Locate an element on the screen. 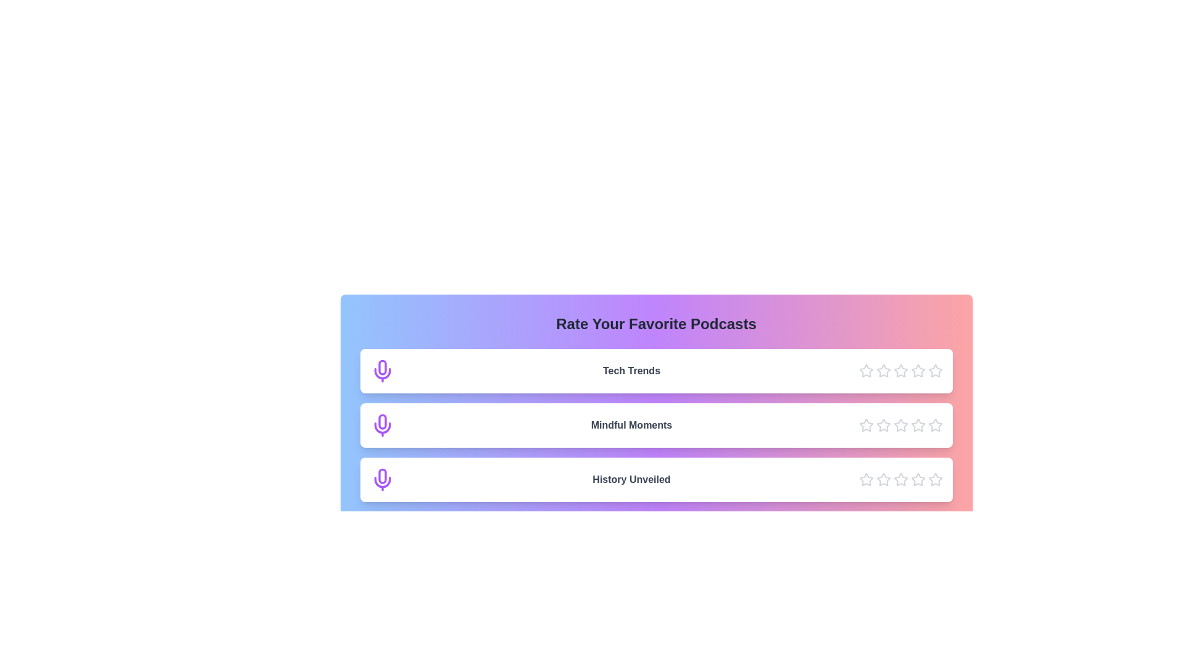 Image resolution: width=1185 pixels, height=667 pixels. the star icon corresponding to 1 stars for the podcast History Unveiled is located at coordinates (865, 479).